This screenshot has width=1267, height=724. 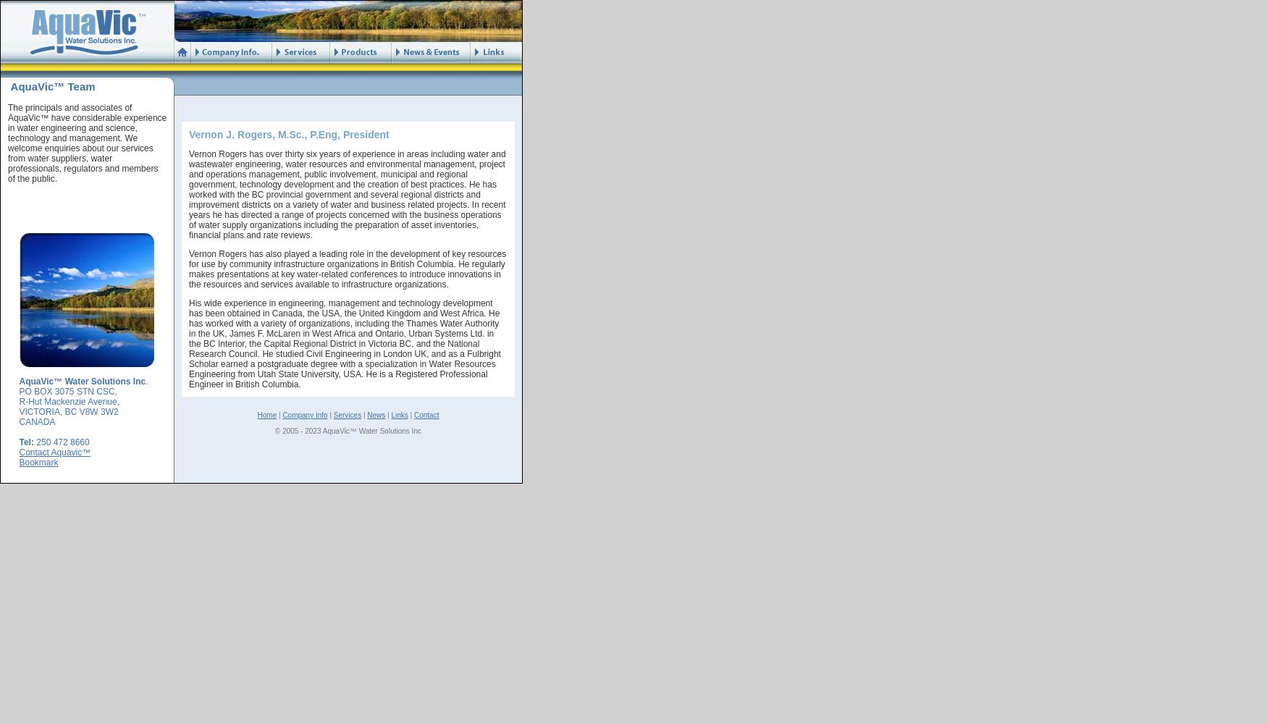 What do you see at coordinates (288, 135) in the screenshot?
I see `'Vernon J. Rogers, M.Sc., P.Eng, President'` at bounding box center [288, 135].